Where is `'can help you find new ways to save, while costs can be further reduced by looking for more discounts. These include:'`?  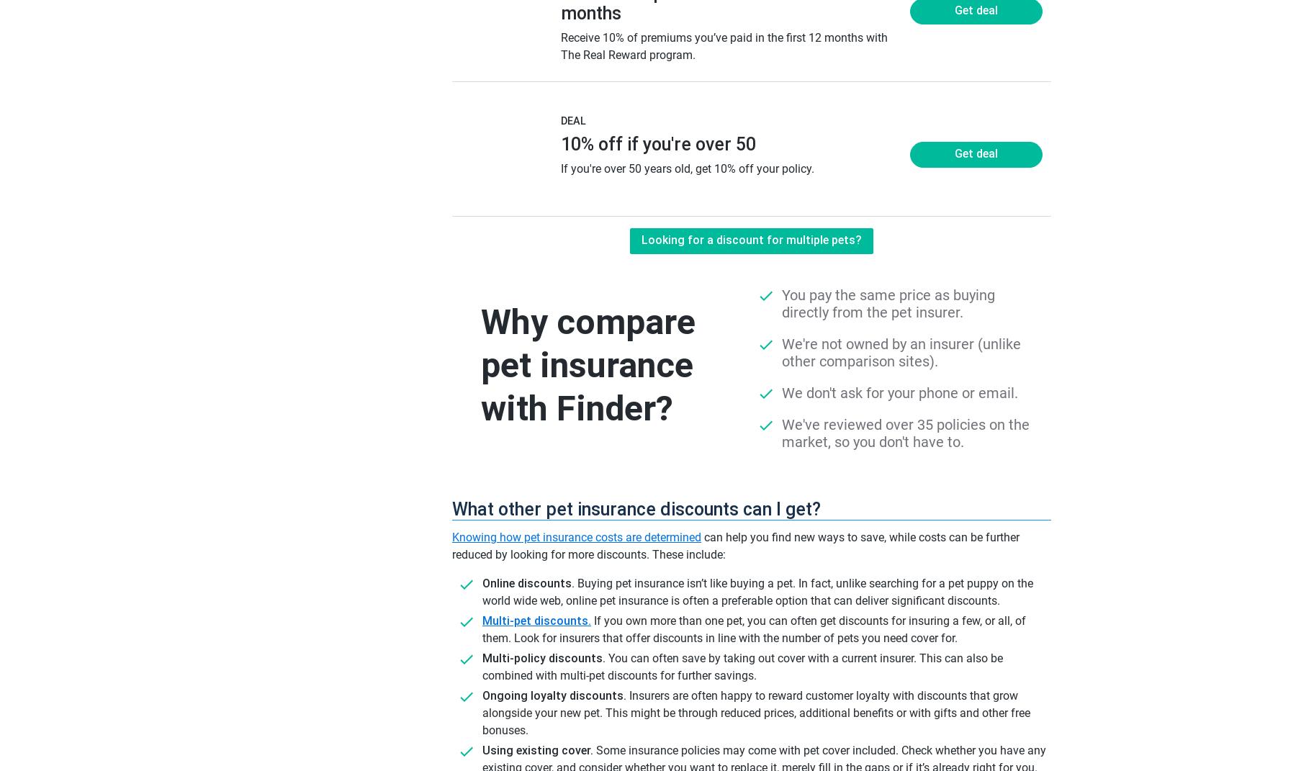 'can help you find new ways to save, while costs can be further reduced by looking for more discounts. These include:' is located at coordinates (736, 546).